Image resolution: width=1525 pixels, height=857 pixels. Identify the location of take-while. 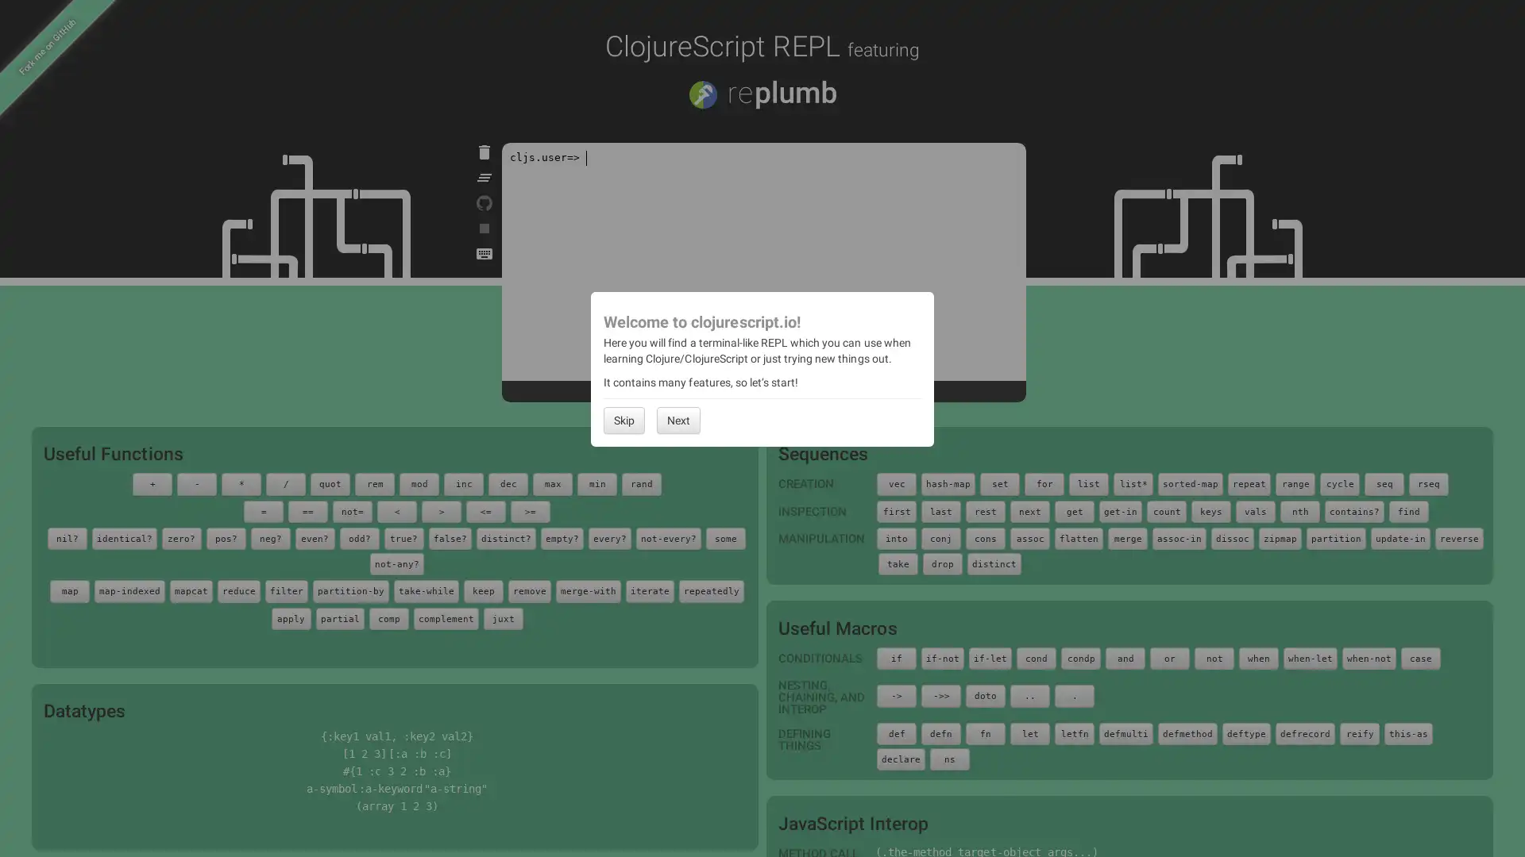
(427, 590).